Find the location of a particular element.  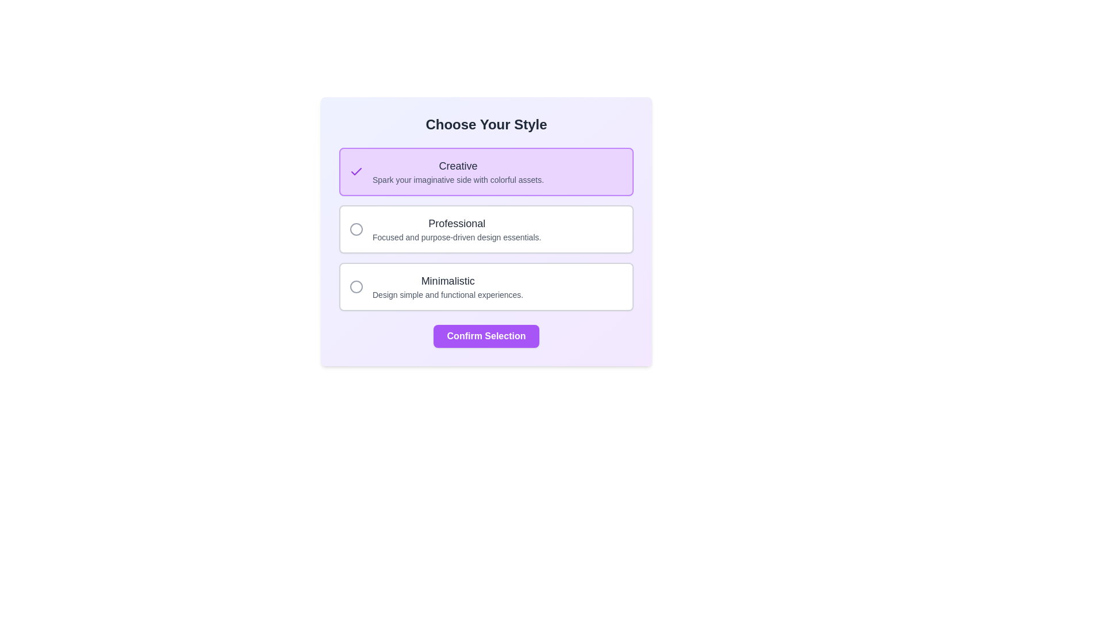

the main header text of the second option in the vertical list, which is positioned between 'Creative' and 'Minimalistic' is located at coordinates (456, 224).